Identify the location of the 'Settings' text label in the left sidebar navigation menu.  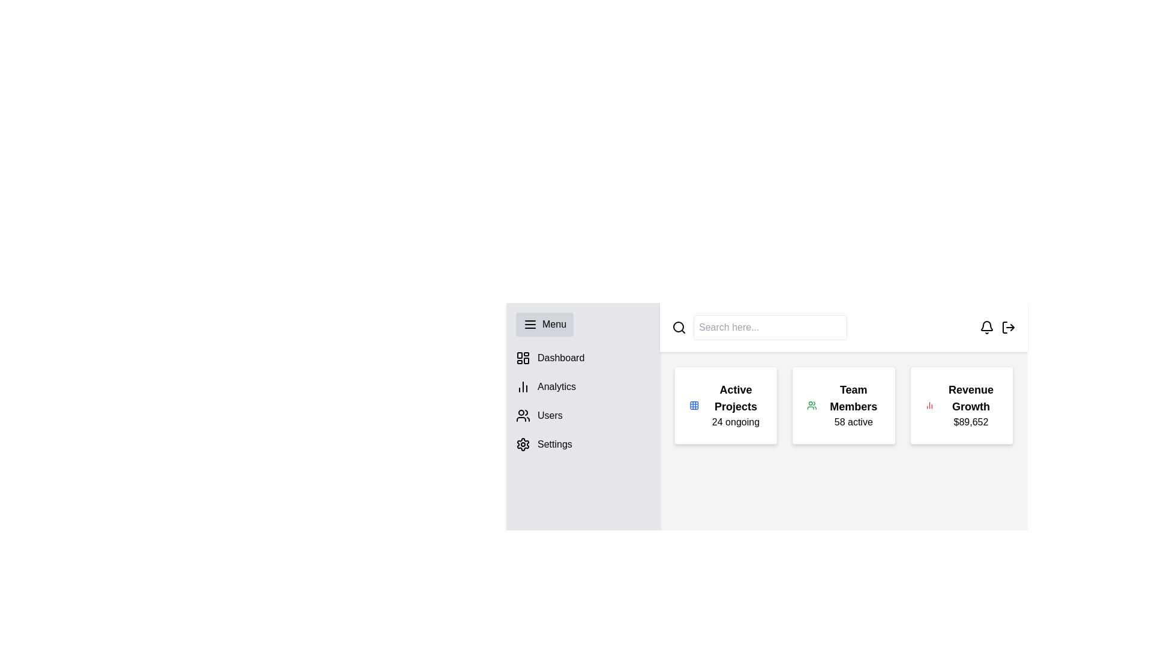
(554, 444).